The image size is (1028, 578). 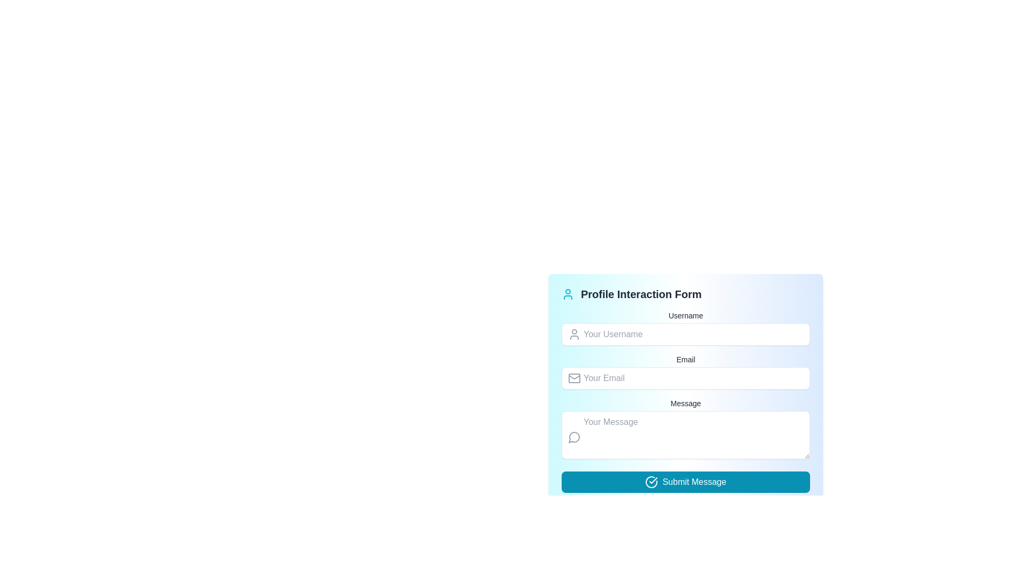 I want to click on the user icon with a circular head and shoulders styled in cyan color, located at the top left of the 'Profile Interaction Form', so click(x=567, y=294).